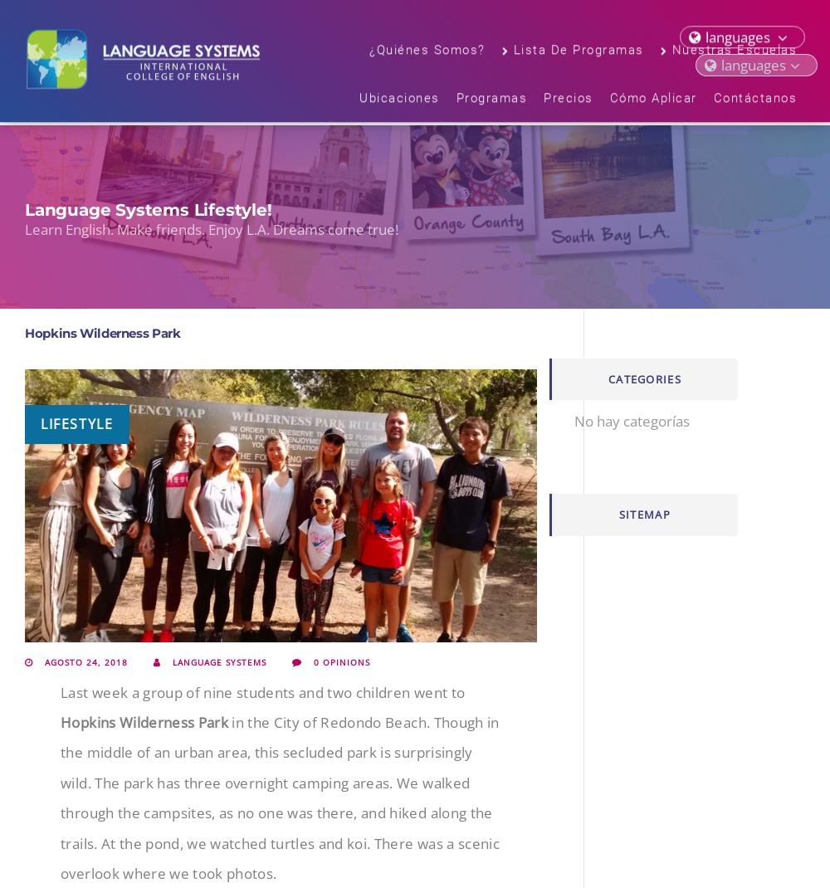 The width and height of the screenshot is (830, 888). What do you see at coordinates (427, 51) in the screenshot?
I see `'¿Quiénes somos?'` at bounding box center [427, 51].